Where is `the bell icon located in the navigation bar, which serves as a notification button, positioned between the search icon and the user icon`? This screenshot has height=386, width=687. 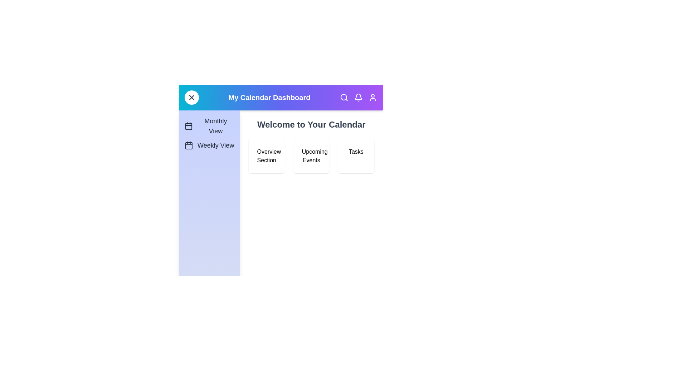 the bell icon located in the navigation bar, which serves as a notification button, positioned between the search icon and the user icon is located at coordinates (359, 98).